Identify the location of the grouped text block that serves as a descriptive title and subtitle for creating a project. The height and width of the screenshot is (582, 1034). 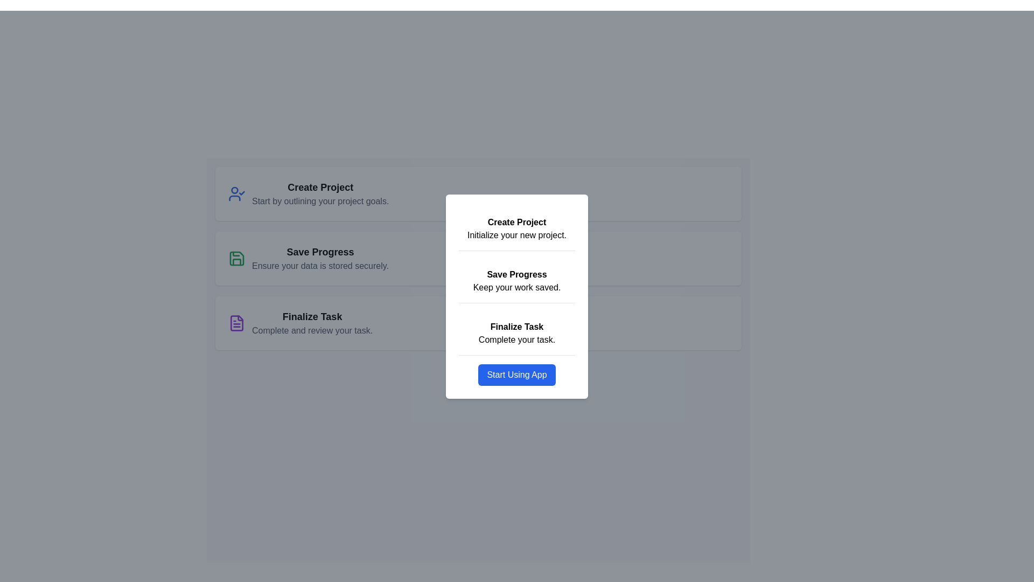
(320, 193).